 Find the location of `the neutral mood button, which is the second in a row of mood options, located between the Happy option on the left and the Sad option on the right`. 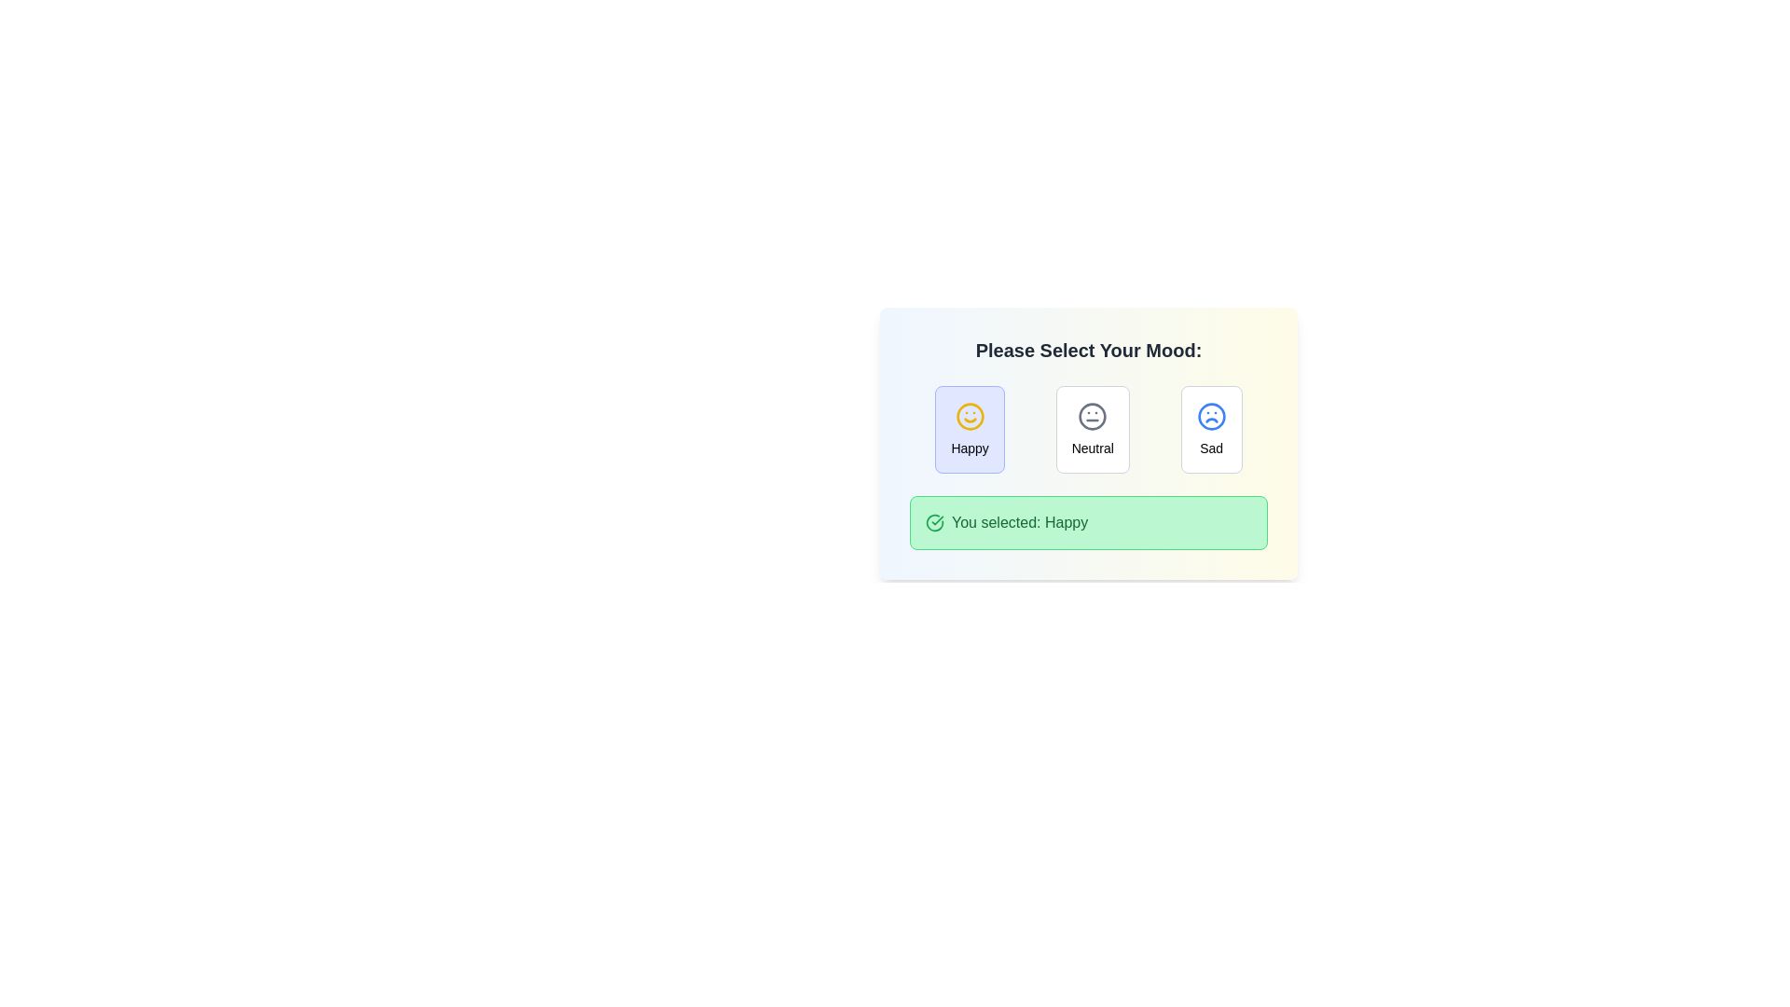

the neutral mood button, which is the second in a row of mood options, located between the Happy option on the left and the Sad option on the right is located at coordinates (1093, 430).